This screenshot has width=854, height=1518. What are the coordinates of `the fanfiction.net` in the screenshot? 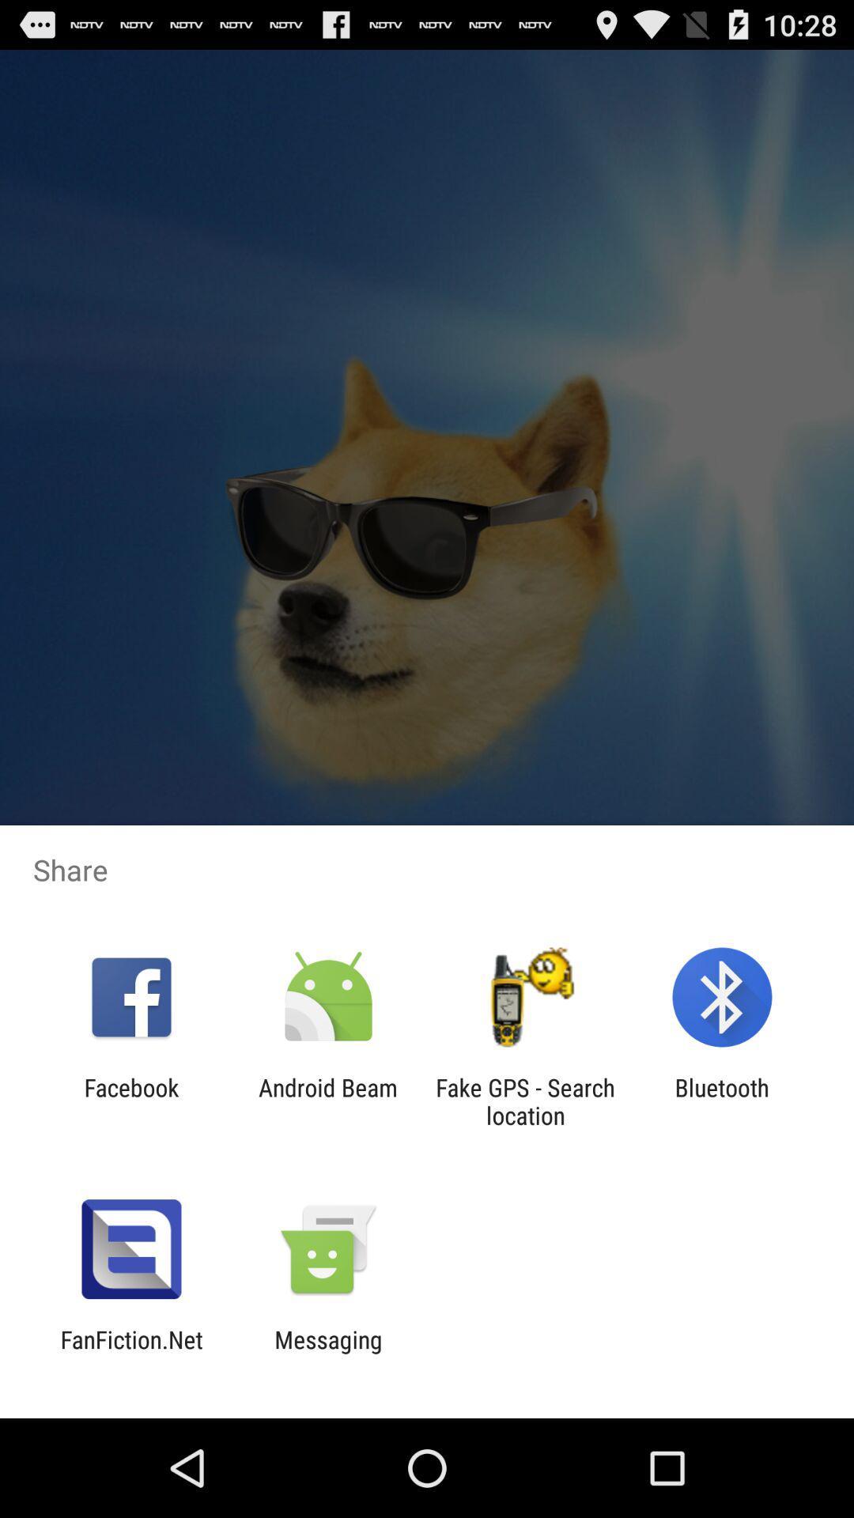 It's located at (130, 1353).